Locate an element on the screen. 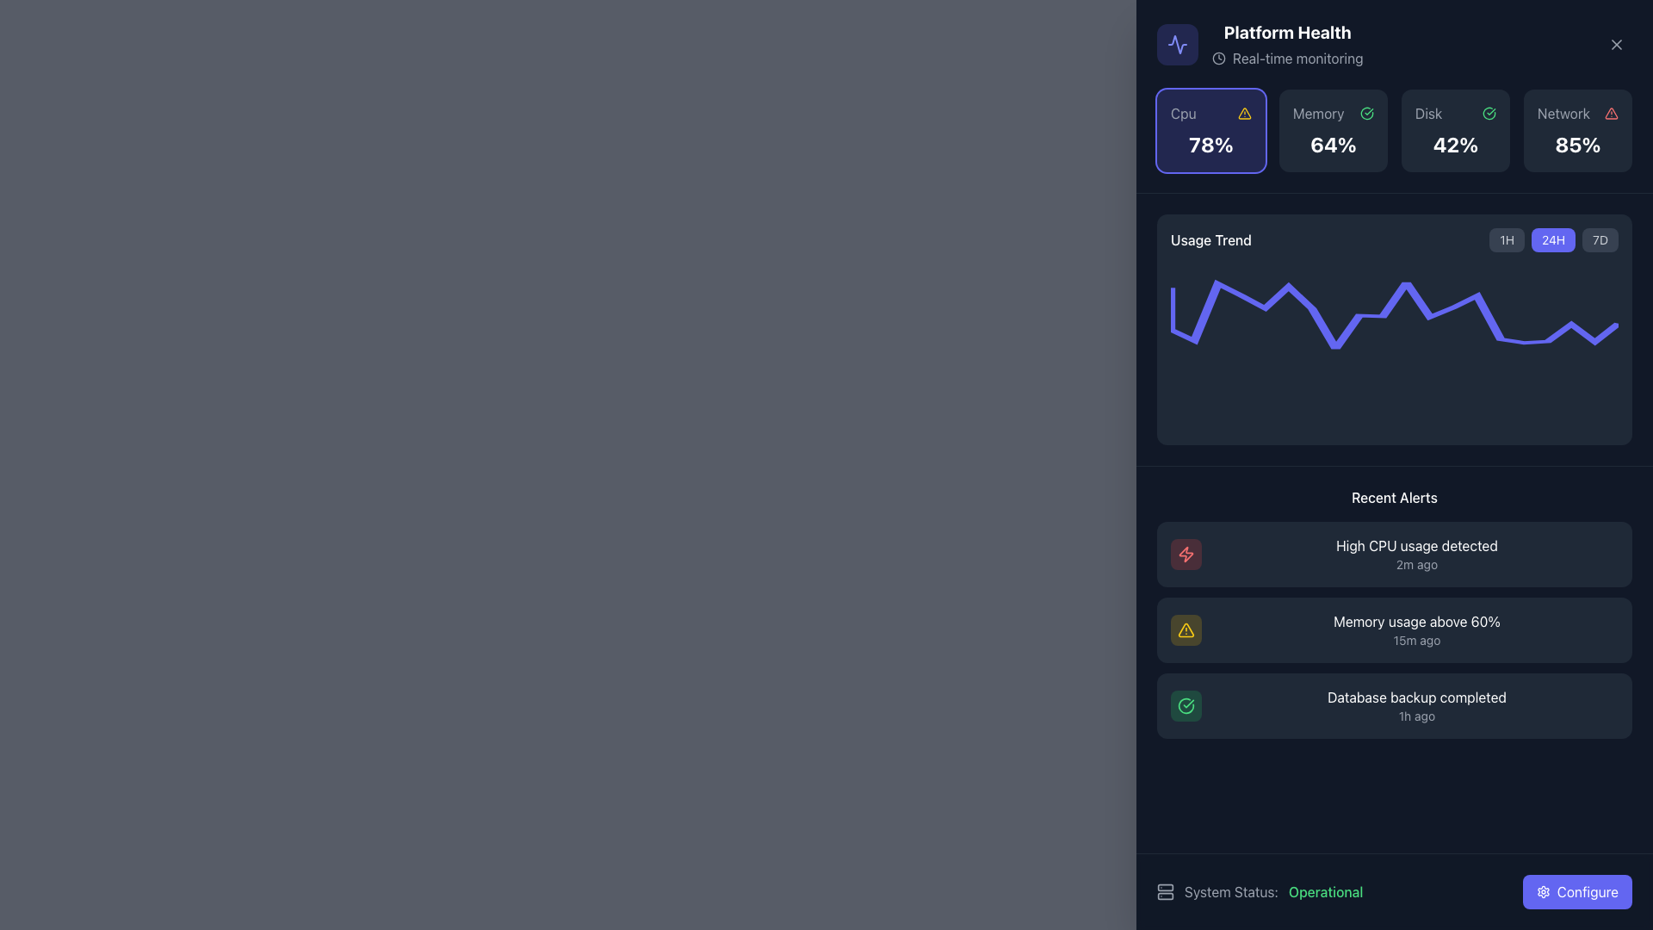  the text element displaying '64%' in a bold, large font, located within the 'Memory' card, which is the second card in a row of four cards is located at coordinates (1333, 144).